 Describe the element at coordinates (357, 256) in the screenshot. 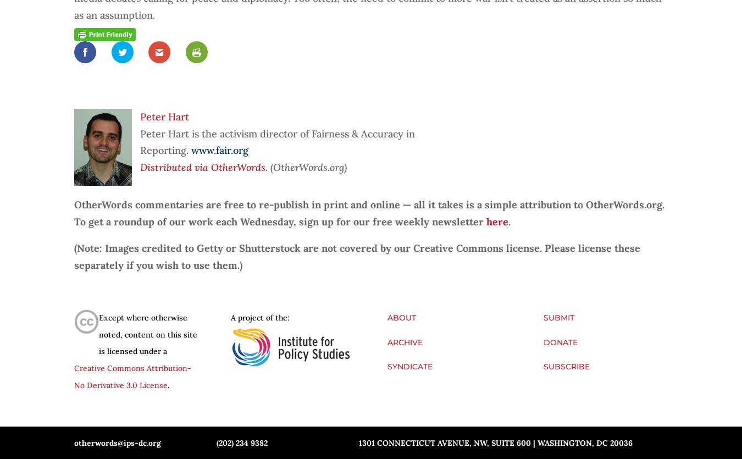

I see `'(Note: Images credited to Getty or Shutterstock are not covered by our Creative Commons license. Please license these separately if you wish to use them.)'` at that location.